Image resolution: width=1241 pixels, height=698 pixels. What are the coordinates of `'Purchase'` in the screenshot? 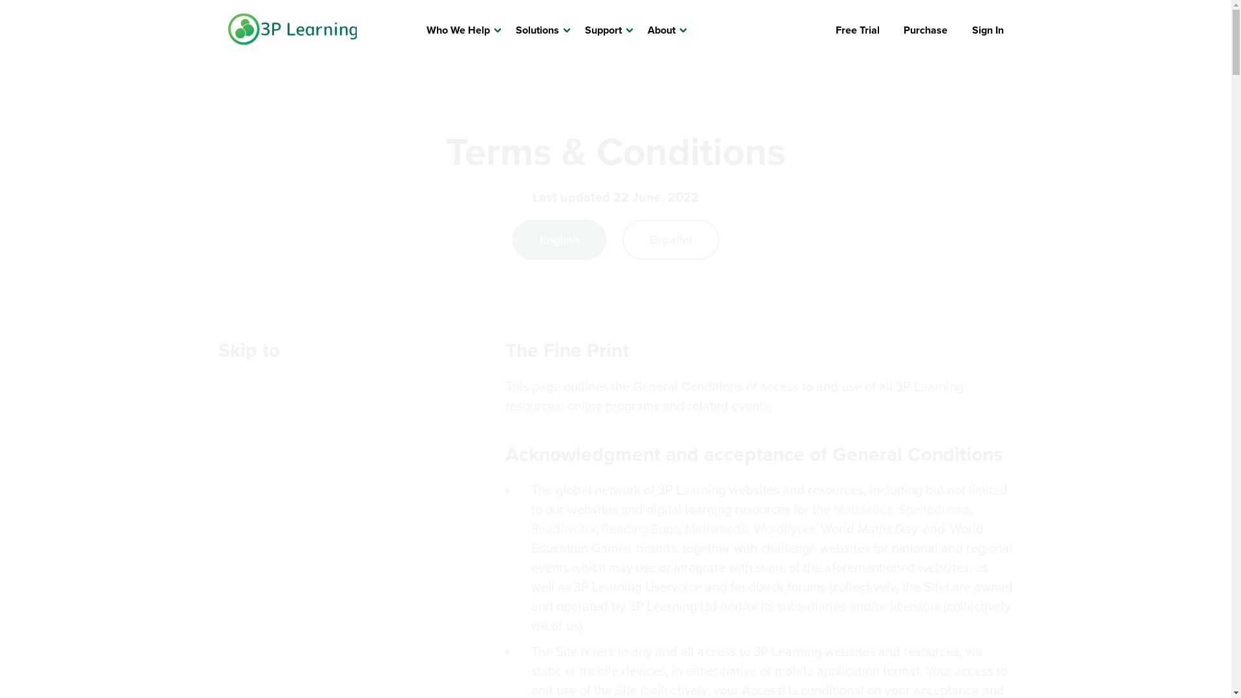 It's located at (924, 29).